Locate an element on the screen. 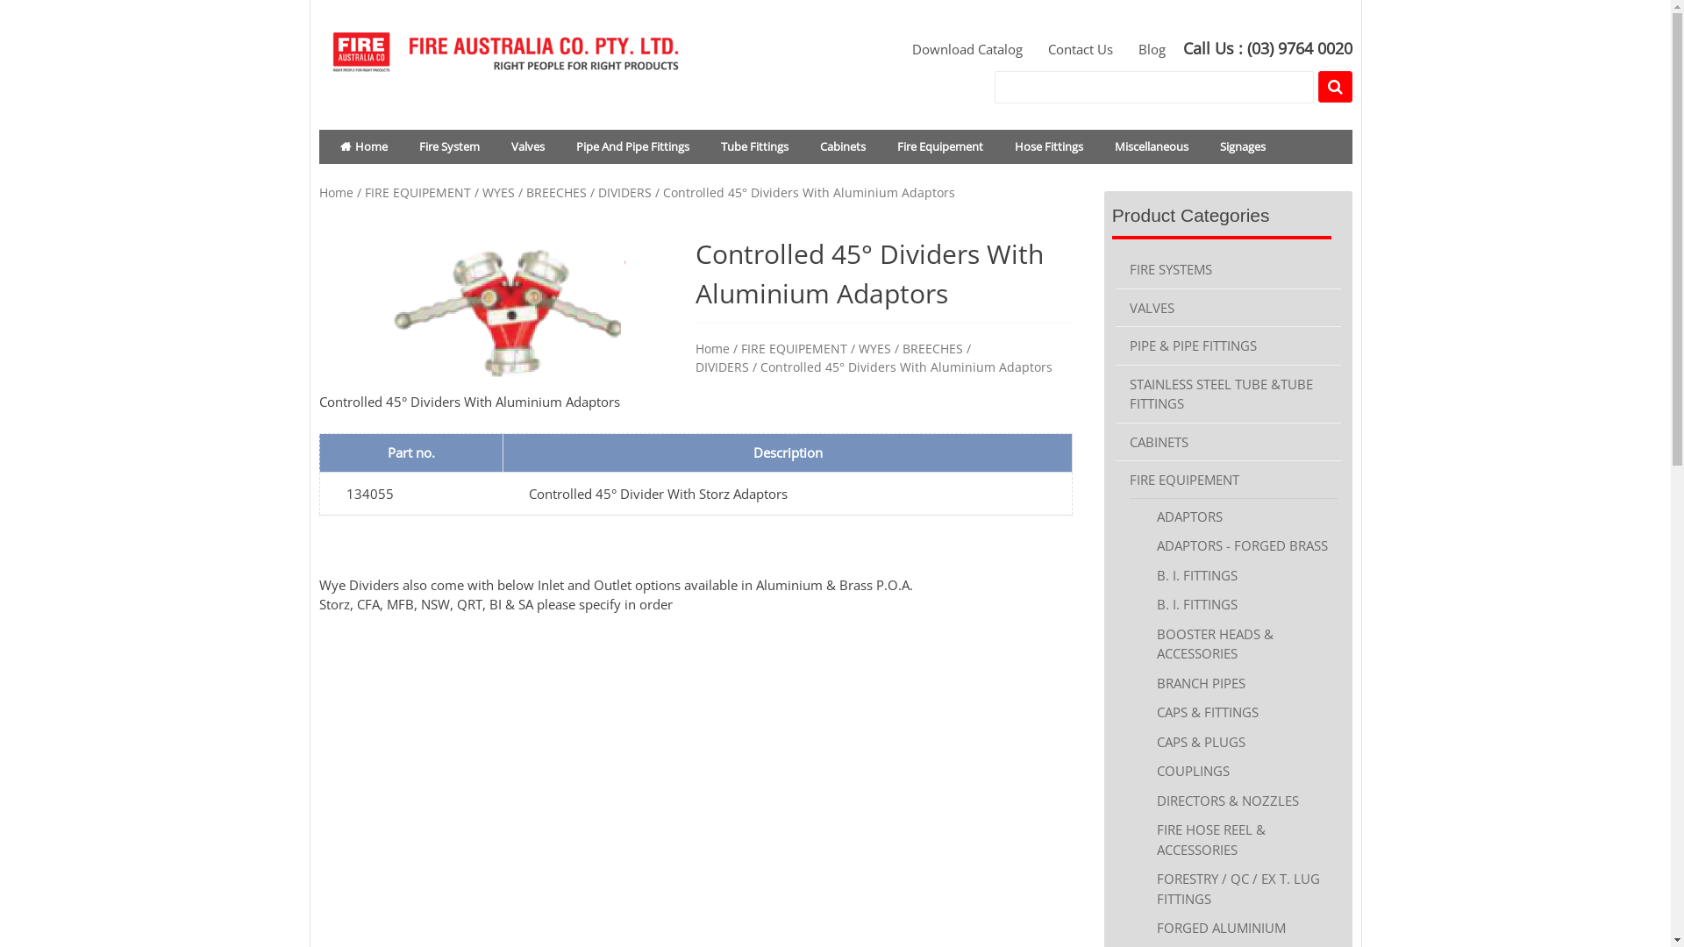 This screenshot has width=1684, height=947. 'PIPE & PIPE FITTINGS' is located at coordinates (1129, 345).